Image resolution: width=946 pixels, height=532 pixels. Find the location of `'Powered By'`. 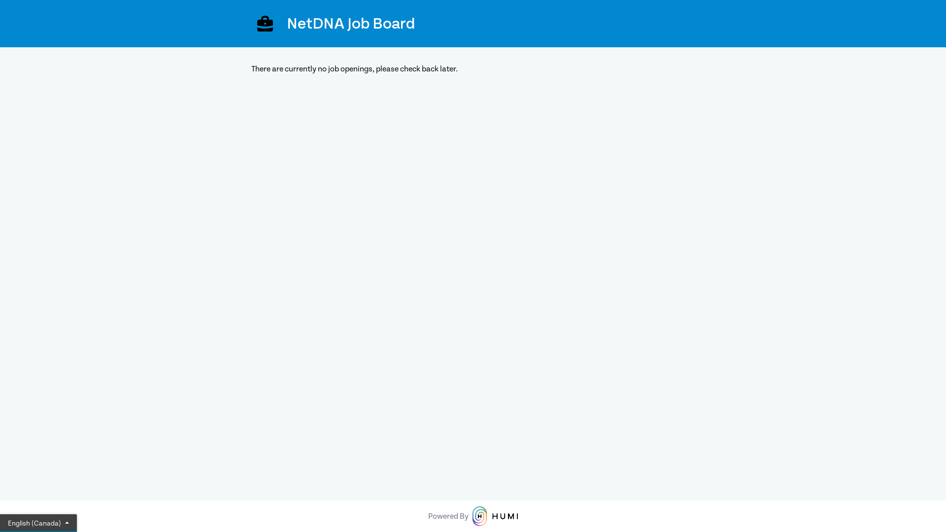

'Powered By' is located at coordinates (472, 516).